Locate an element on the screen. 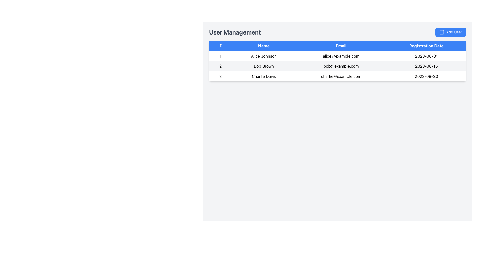  the third row of the user information table that displays ID '3', Name 'Charlie Davis', Email 'charlie@example.com', and Registration Date '2023-08-20' is located at coordinates (337, 76).